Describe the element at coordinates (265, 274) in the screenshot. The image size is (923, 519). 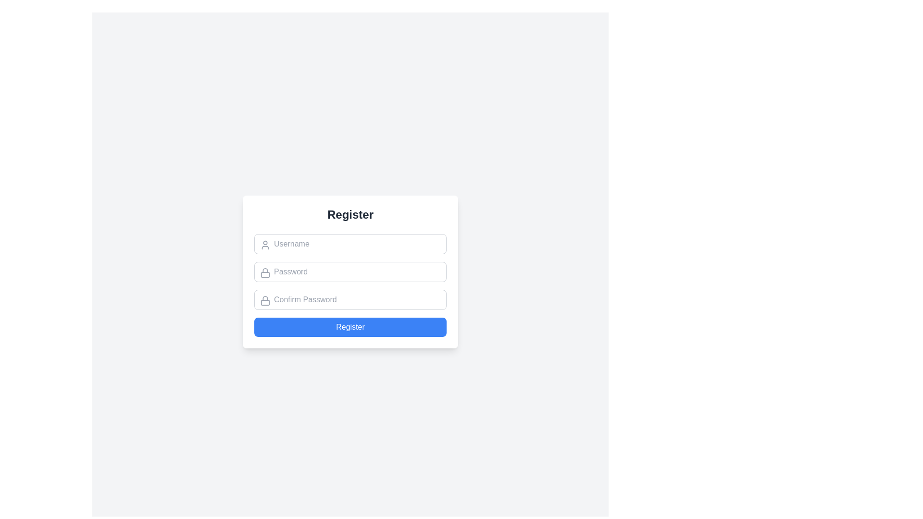
I see `the lower part of the lock icon, which symbolizes security for the password input field in the registration form interface` at that location.